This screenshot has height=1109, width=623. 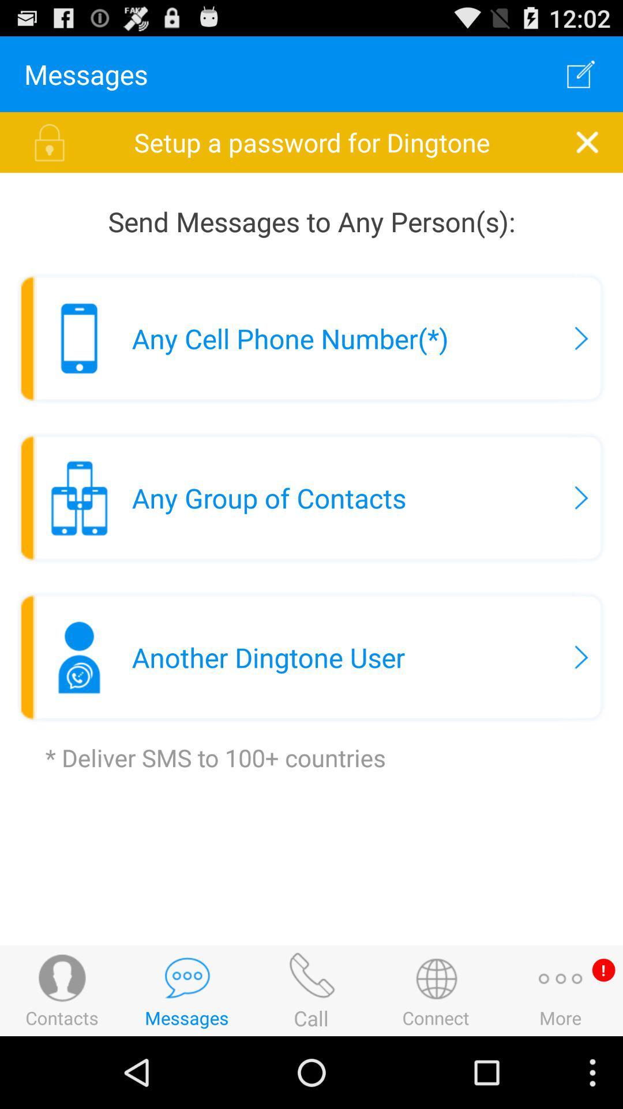 What do you see at coordinates (581, 73) in the screenshot?
I see `a message` at bounding box center [581, 73].